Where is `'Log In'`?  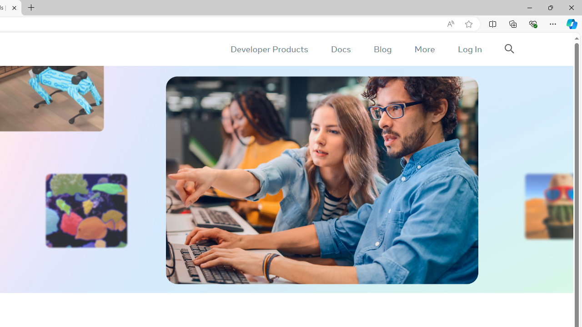
'Log In' is located at coordinates (469, 49).